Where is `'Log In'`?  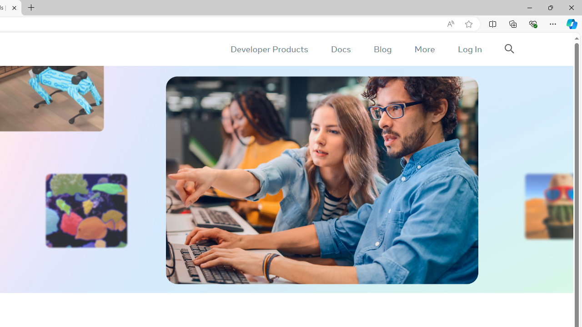
'Log In' is located at coordinates (469, 49).